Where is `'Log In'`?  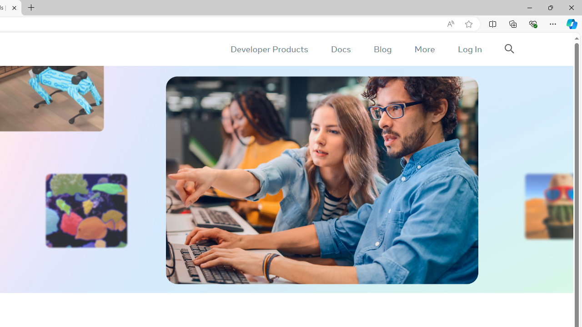
'Log In' is located at coordinates (469, 49).